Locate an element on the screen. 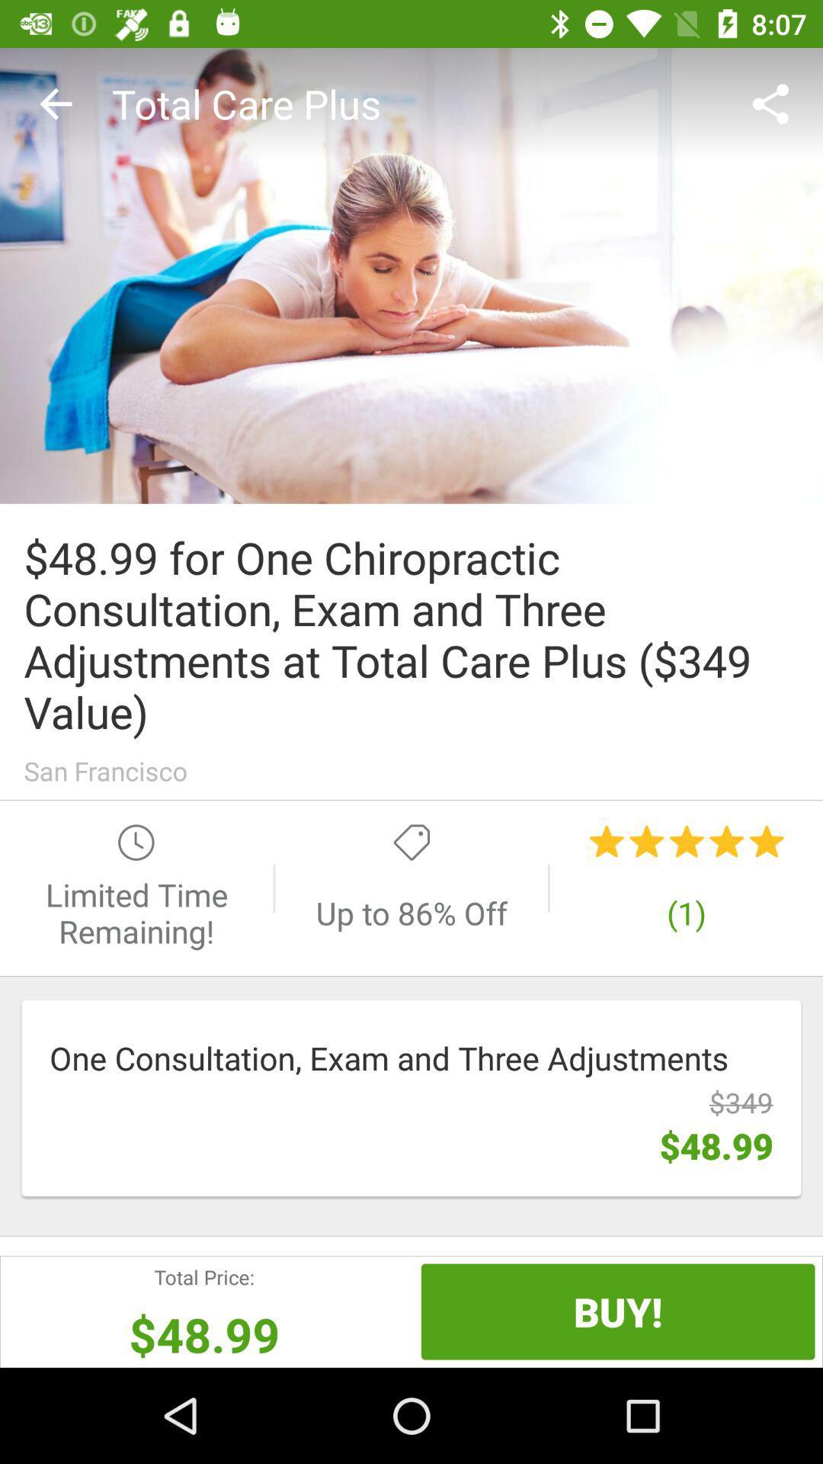  the icon below $48.99 is located at coordinates (618, 1311).